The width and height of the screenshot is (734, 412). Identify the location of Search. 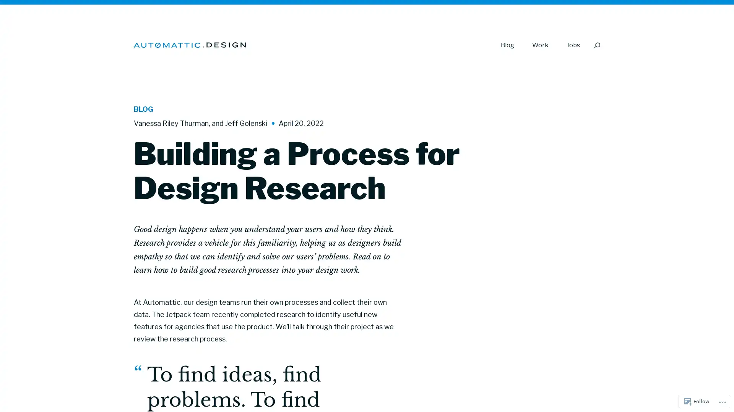
(596, 45).